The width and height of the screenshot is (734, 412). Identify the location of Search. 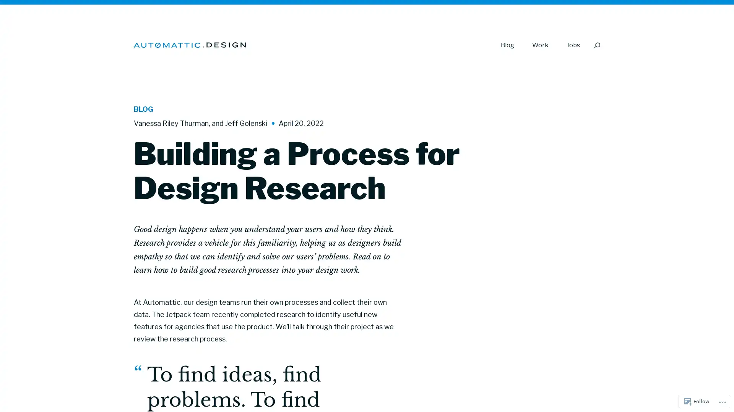
(596, 45).